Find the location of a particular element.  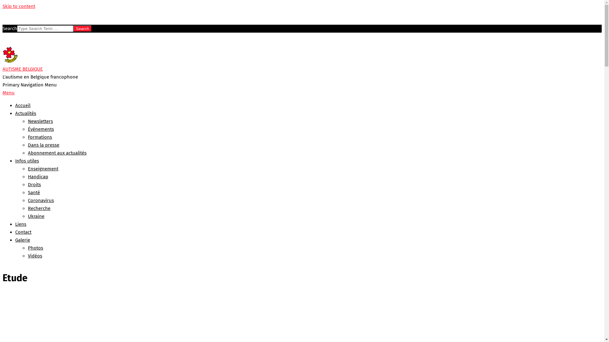

'Galerie' is located at coordinates (15, 240).